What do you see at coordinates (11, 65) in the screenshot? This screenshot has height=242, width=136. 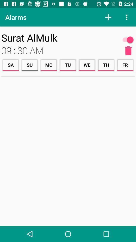 I see `sa` at bounding box center [11, 65].